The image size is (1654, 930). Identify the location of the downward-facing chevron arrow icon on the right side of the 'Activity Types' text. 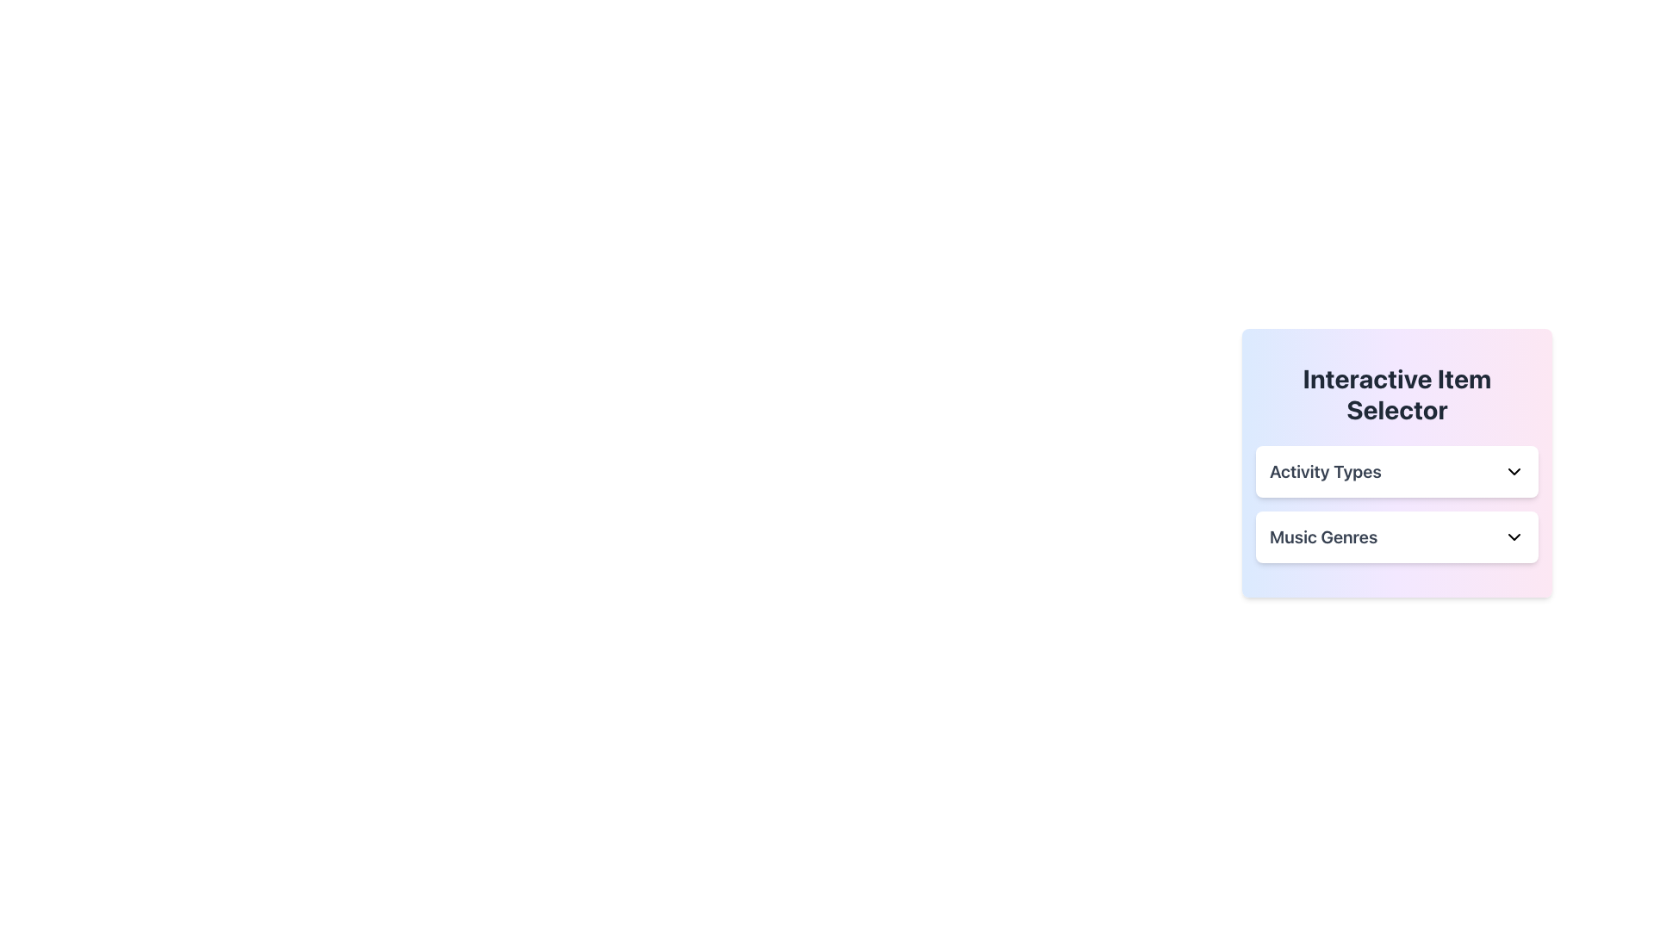
(1513, 471).